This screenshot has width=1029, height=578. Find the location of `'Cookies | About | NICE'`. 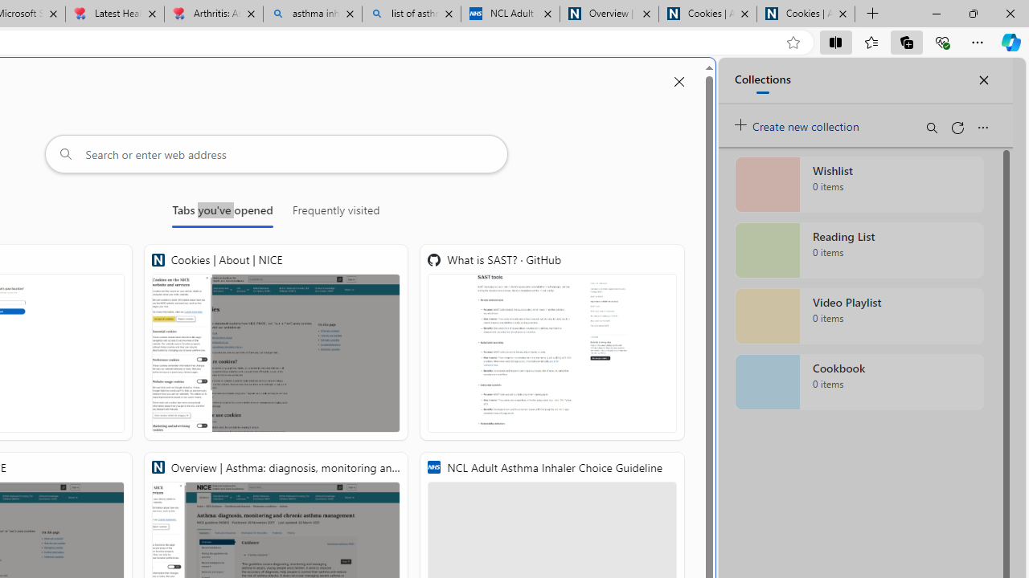

'Cookies | About | NICE' is located at coordinates (276, 341).